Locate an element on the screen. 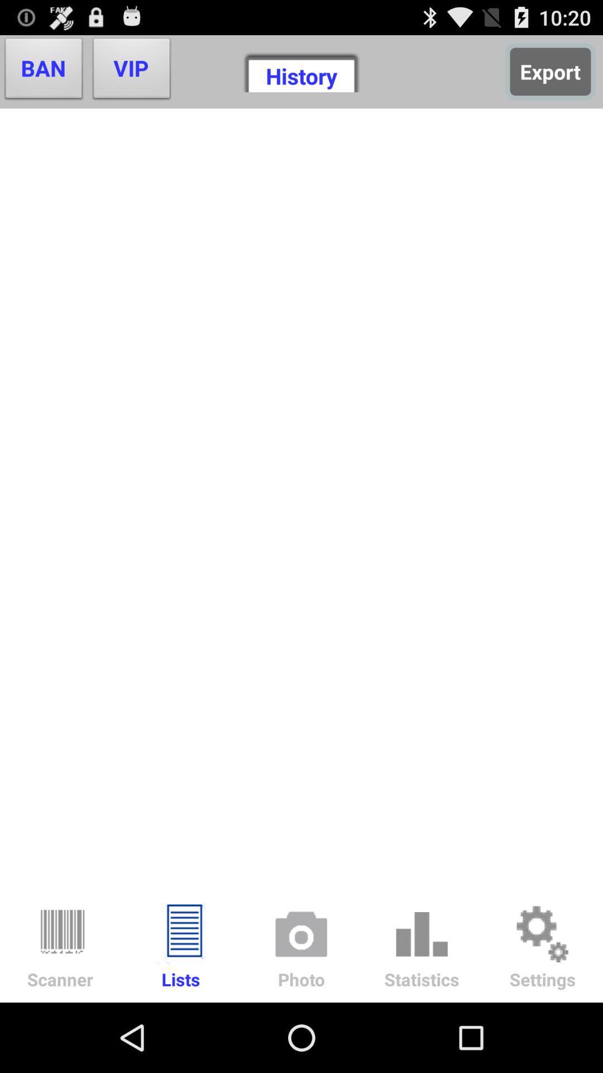 The height and width of the screenshot is (1073, 603). button to the left of history icon is located at coordinates (131, 71).